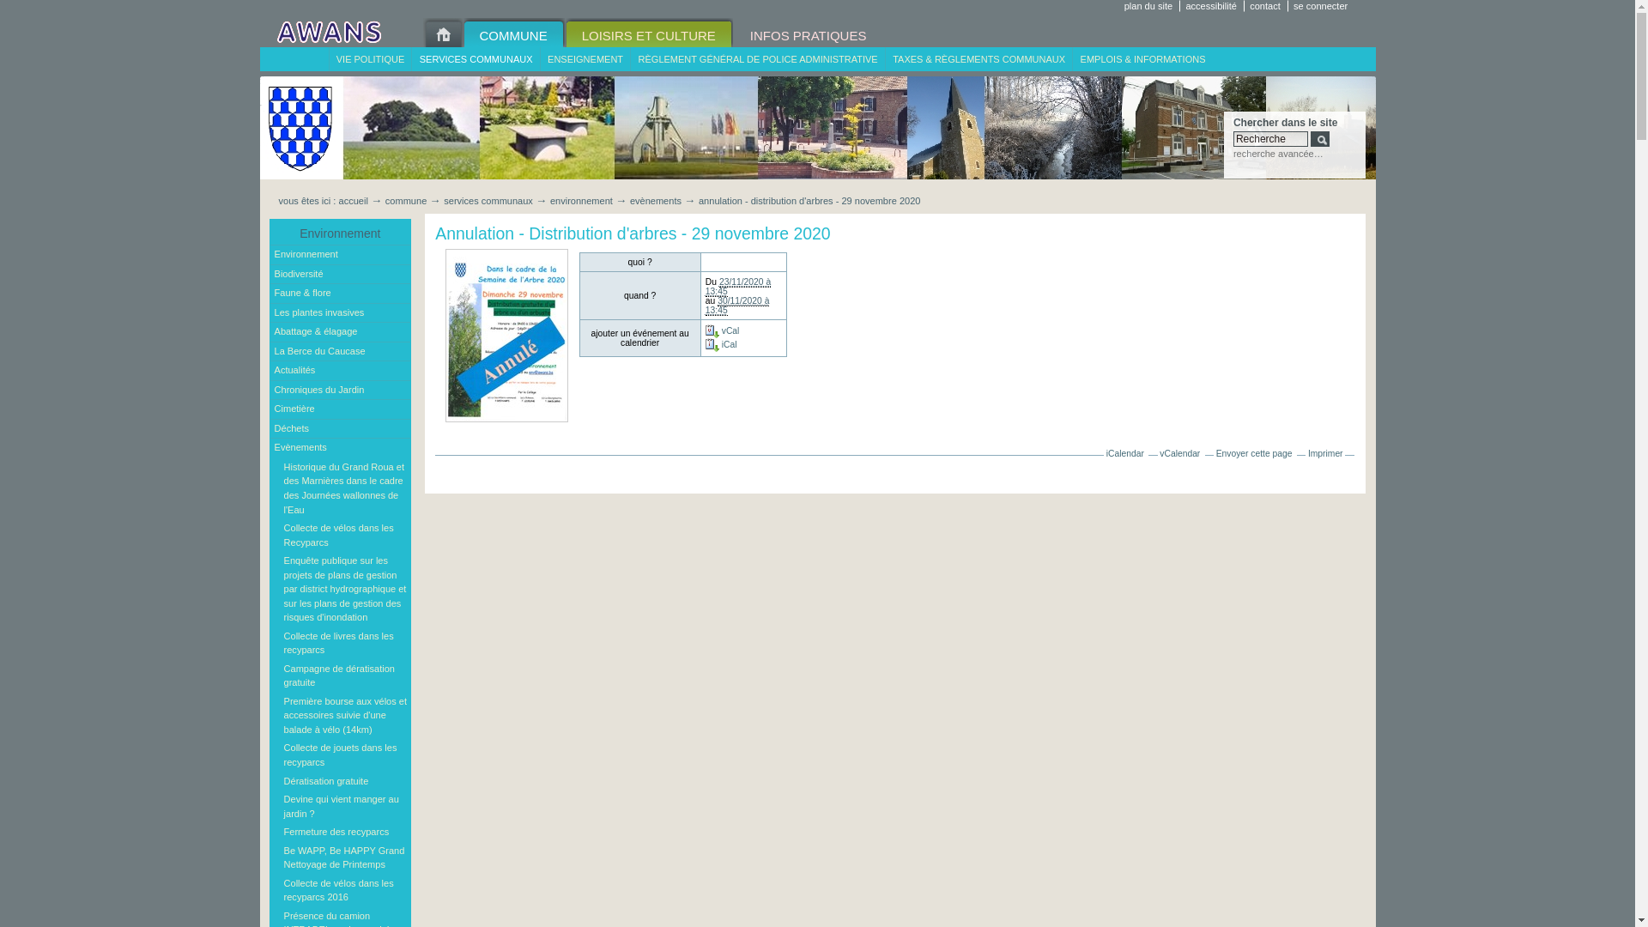 This screenshot has height=927, width=1648. What do you see at coordinates (1248, 6) in the screenshot?
I see `'contact'` at bounding box center [1248, 6].